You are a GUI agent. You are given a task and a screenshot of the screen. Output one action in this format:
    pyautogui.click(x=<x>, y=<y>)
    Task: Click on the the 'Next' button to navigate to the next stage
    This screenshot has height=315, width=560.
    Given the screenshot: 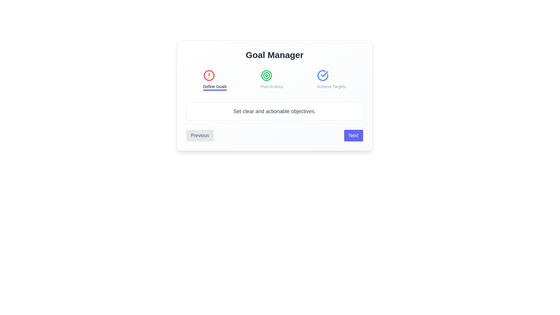 What is the action you would take?
    pyautogui.click(x=353, y=136)
    